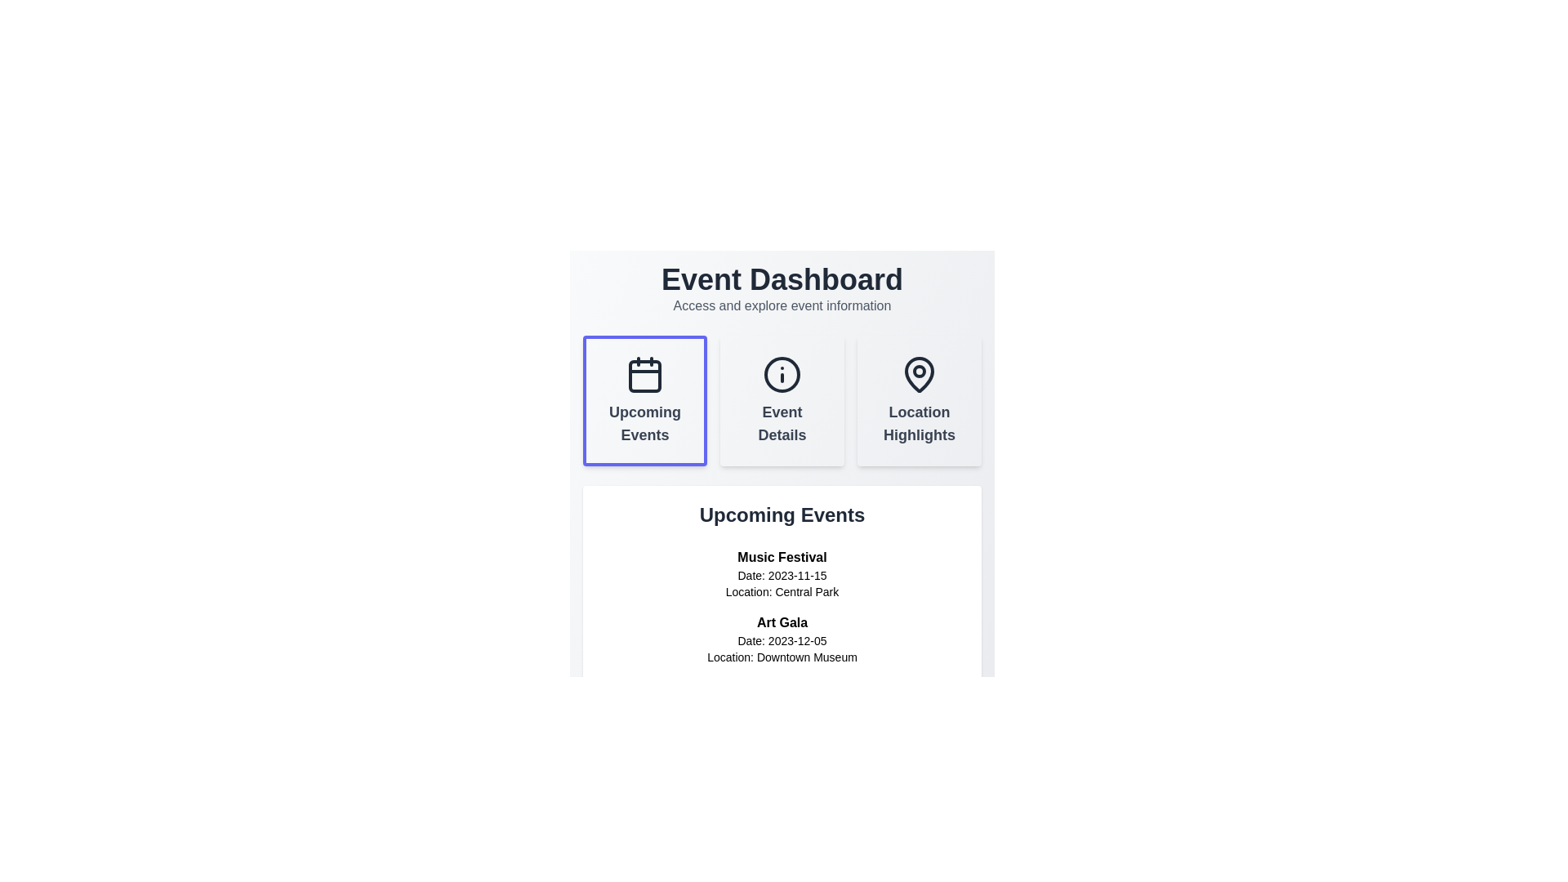 The width and height of the screenshot is (1568, 882). Describe the element at coordinates (644, 423) in the screenshot. I see `the text label that serves as the title description for the section about upcoming events, located beneath a calendar icon` at that location.